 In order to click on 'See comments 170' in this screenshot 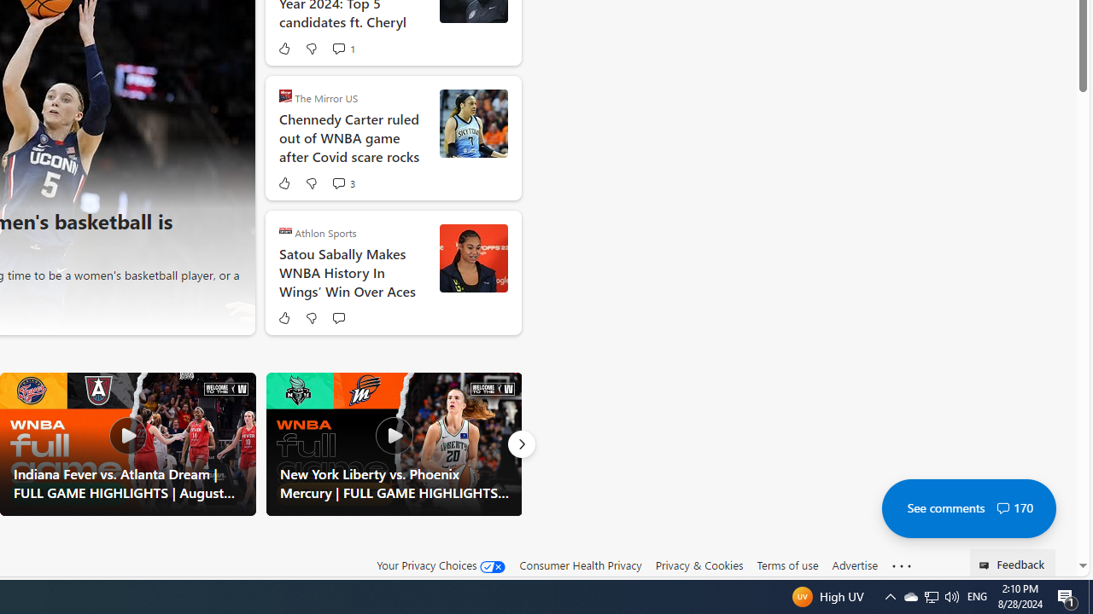, I will do `click(968, 507)`.